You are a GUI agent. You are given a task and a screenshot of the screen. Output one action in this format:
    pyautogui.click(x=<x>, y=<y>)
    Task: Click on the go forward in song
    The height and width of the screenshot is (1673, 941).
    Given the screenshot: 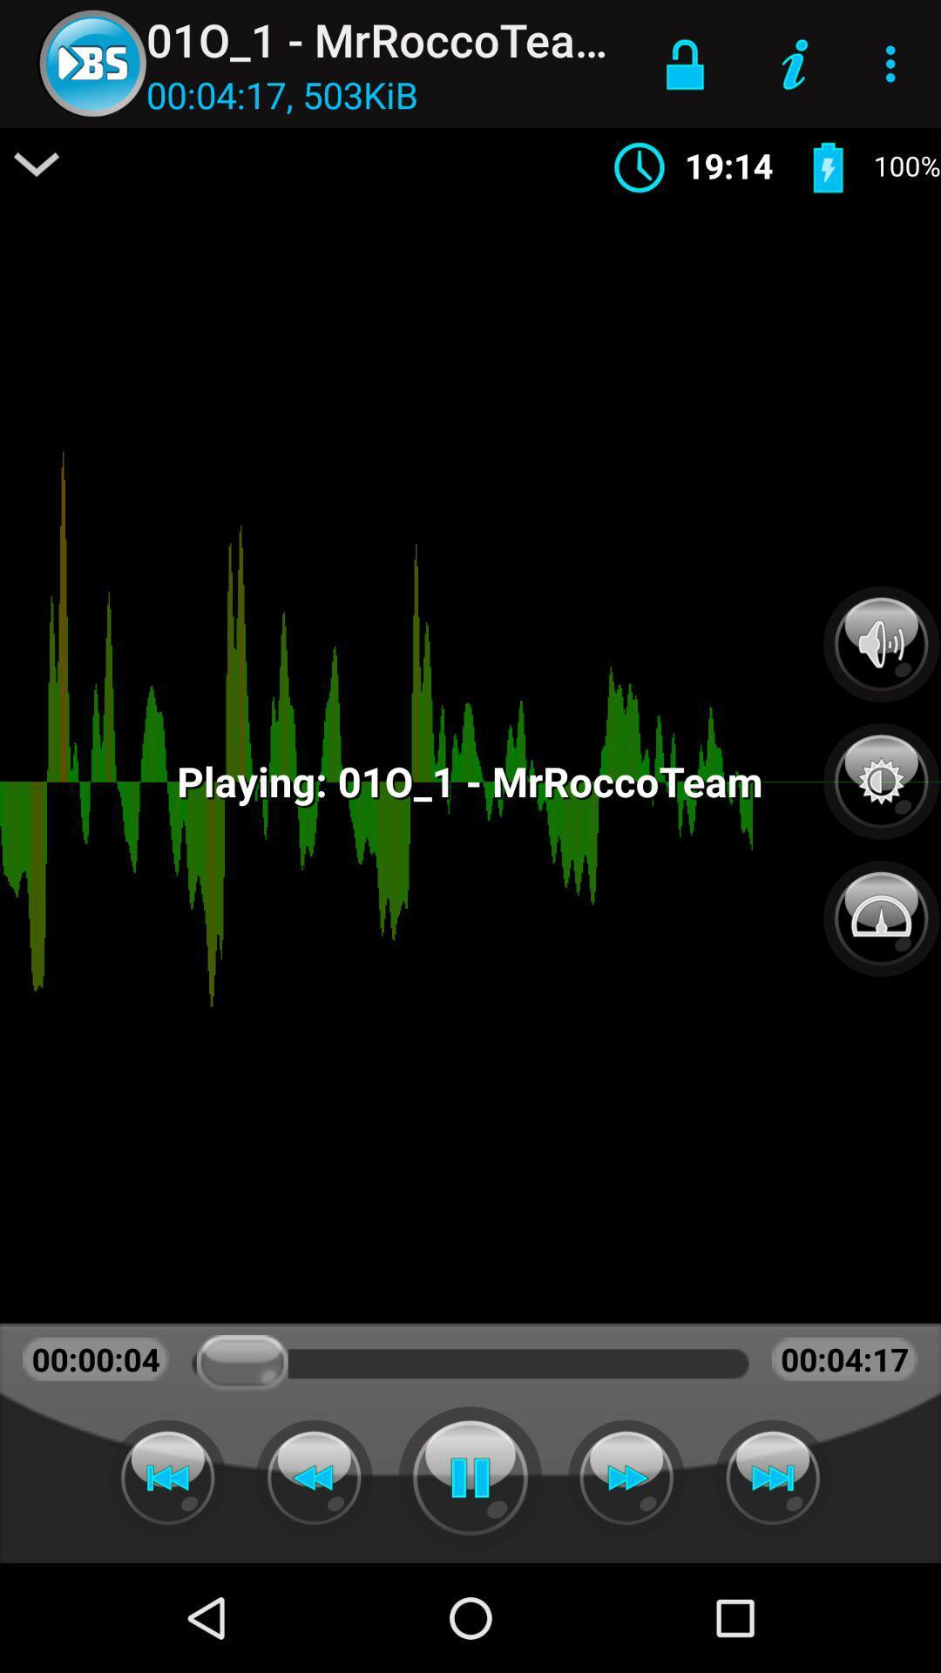 What is the action you would take?
    pyautogui.click(x=626, y=1477)
    